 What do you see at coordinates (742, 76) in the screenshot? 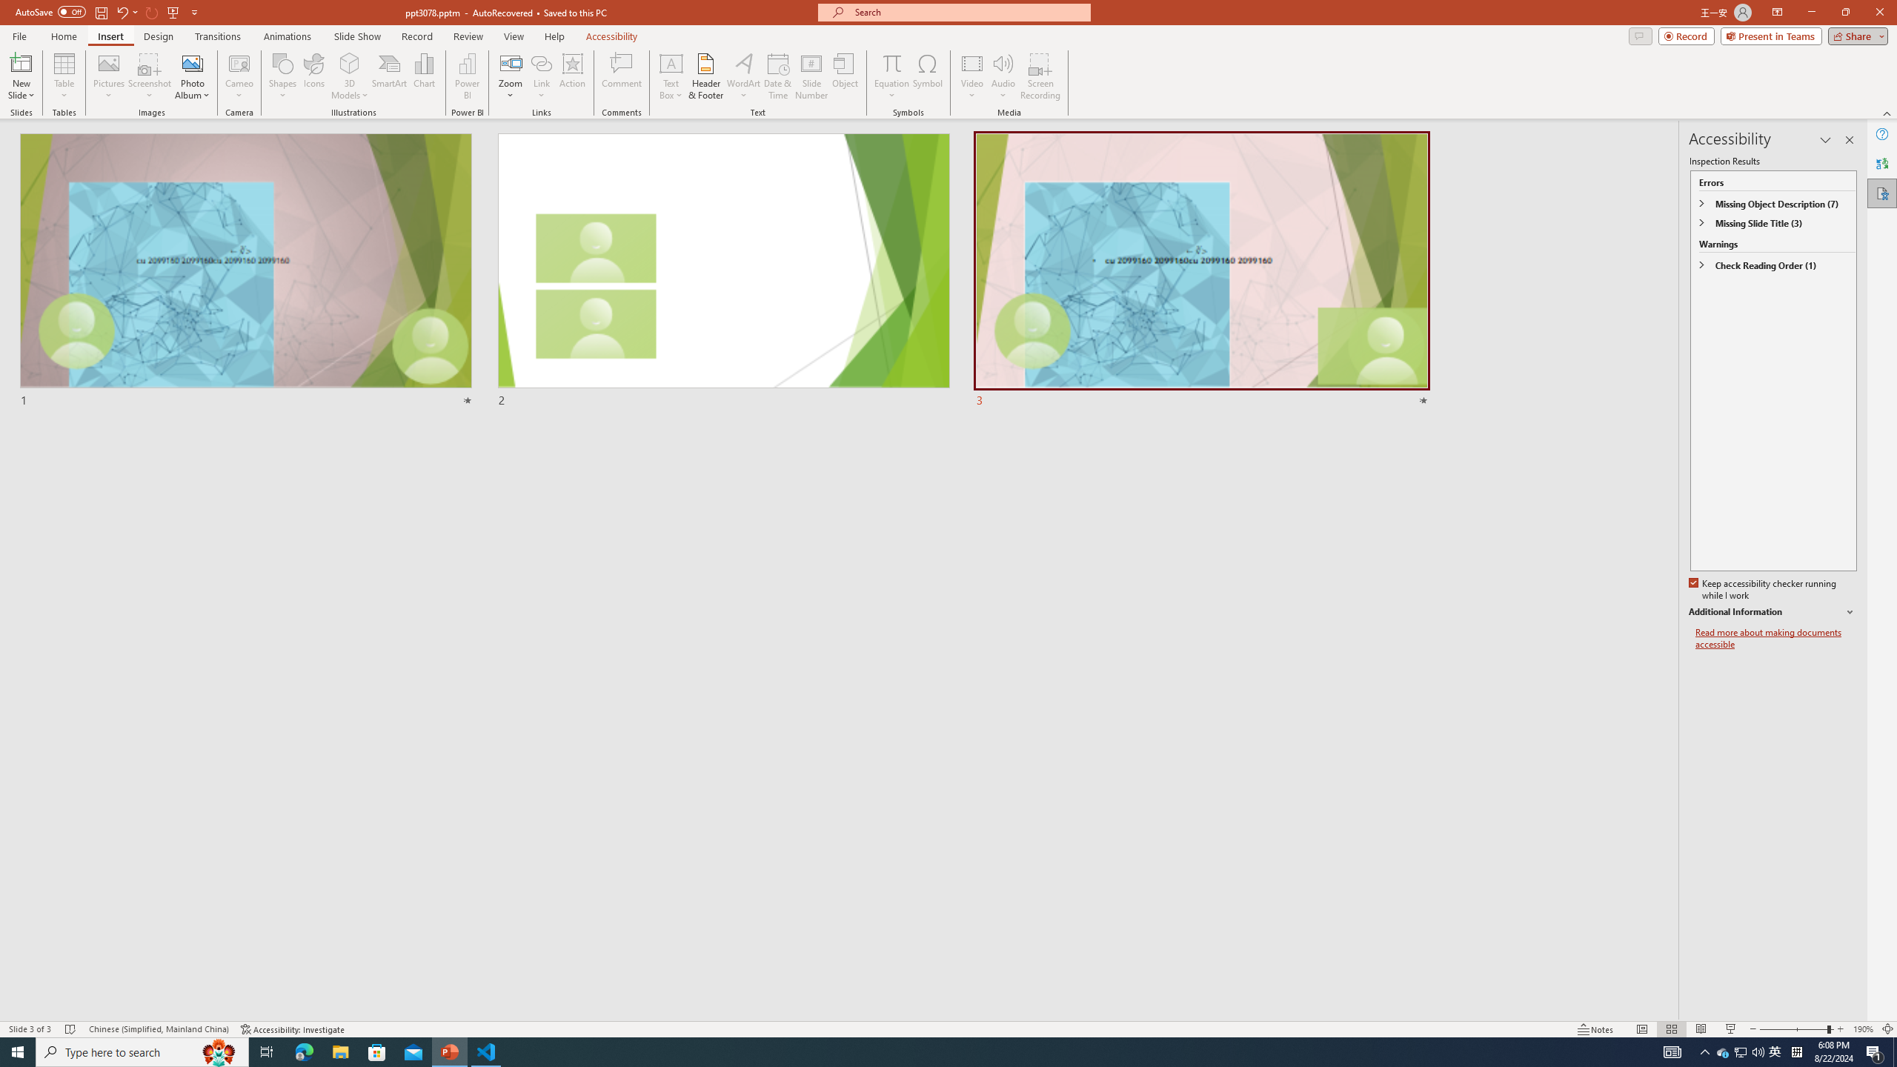
I see `'WordArt'` at bounding box center [742, 76].